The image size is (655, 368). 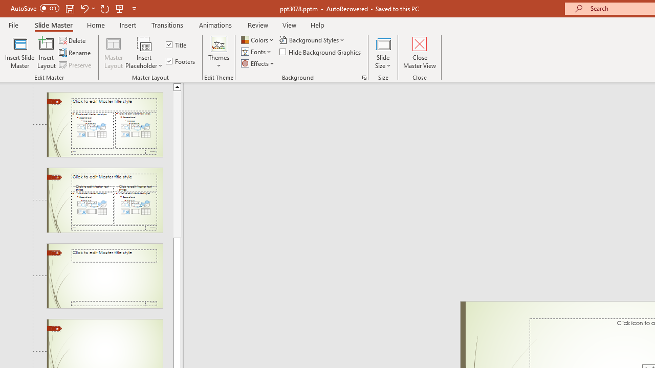 I want to click on 'Insert Placeholder', so click(x=144, y=53).